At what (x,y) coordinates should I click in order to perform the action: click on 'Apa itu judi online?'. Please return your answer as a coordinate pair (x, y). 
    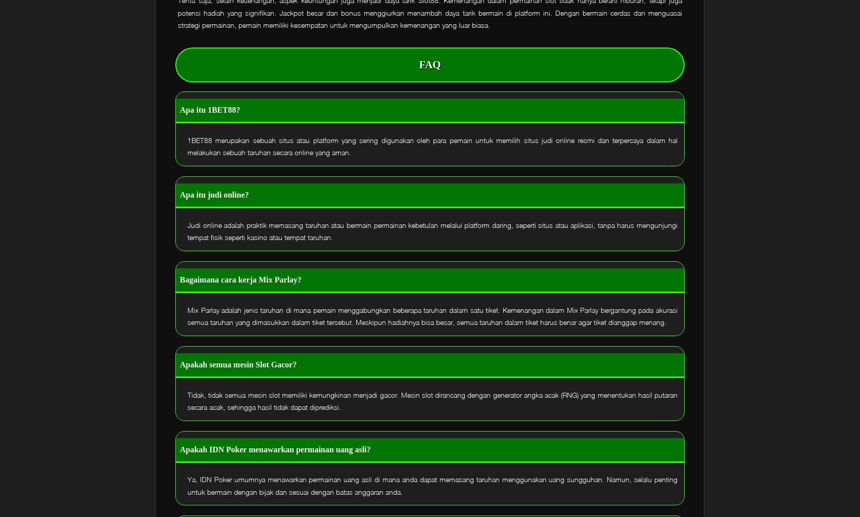
    Looking at the image, I should click on (180, 194).